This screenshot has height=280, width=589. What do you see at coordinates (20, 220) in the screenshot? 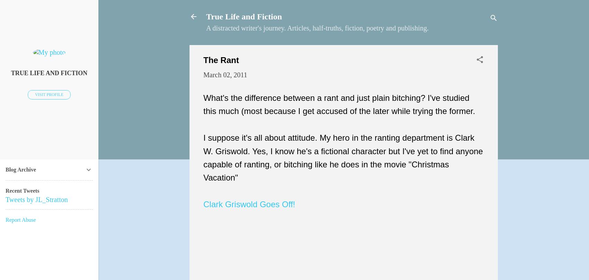
I see `'Report Abuse'` at bounding box center [20, 220].